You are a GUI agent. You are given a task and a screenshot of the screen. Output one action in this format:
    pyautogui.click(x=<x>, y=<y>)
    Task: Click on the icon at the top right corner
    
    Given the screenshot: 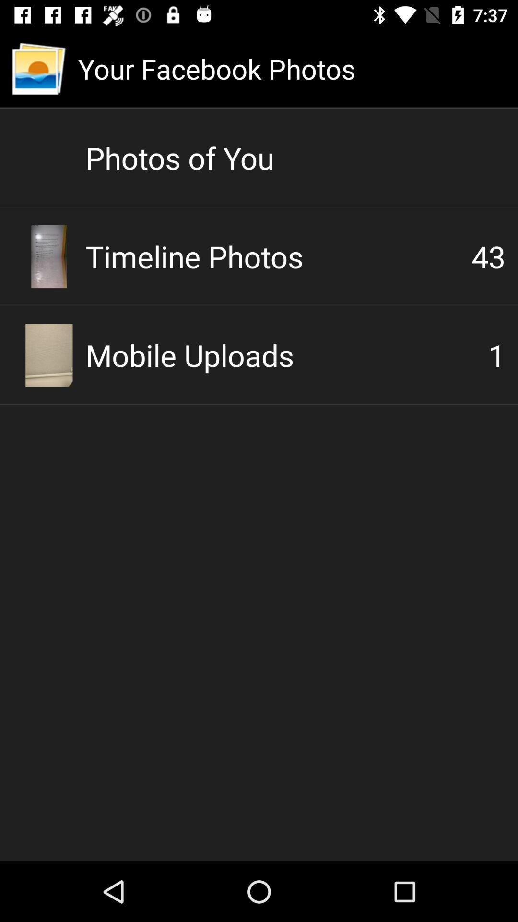 What is the action you would take?
    pyautogui.click(x=488, y=256)
    